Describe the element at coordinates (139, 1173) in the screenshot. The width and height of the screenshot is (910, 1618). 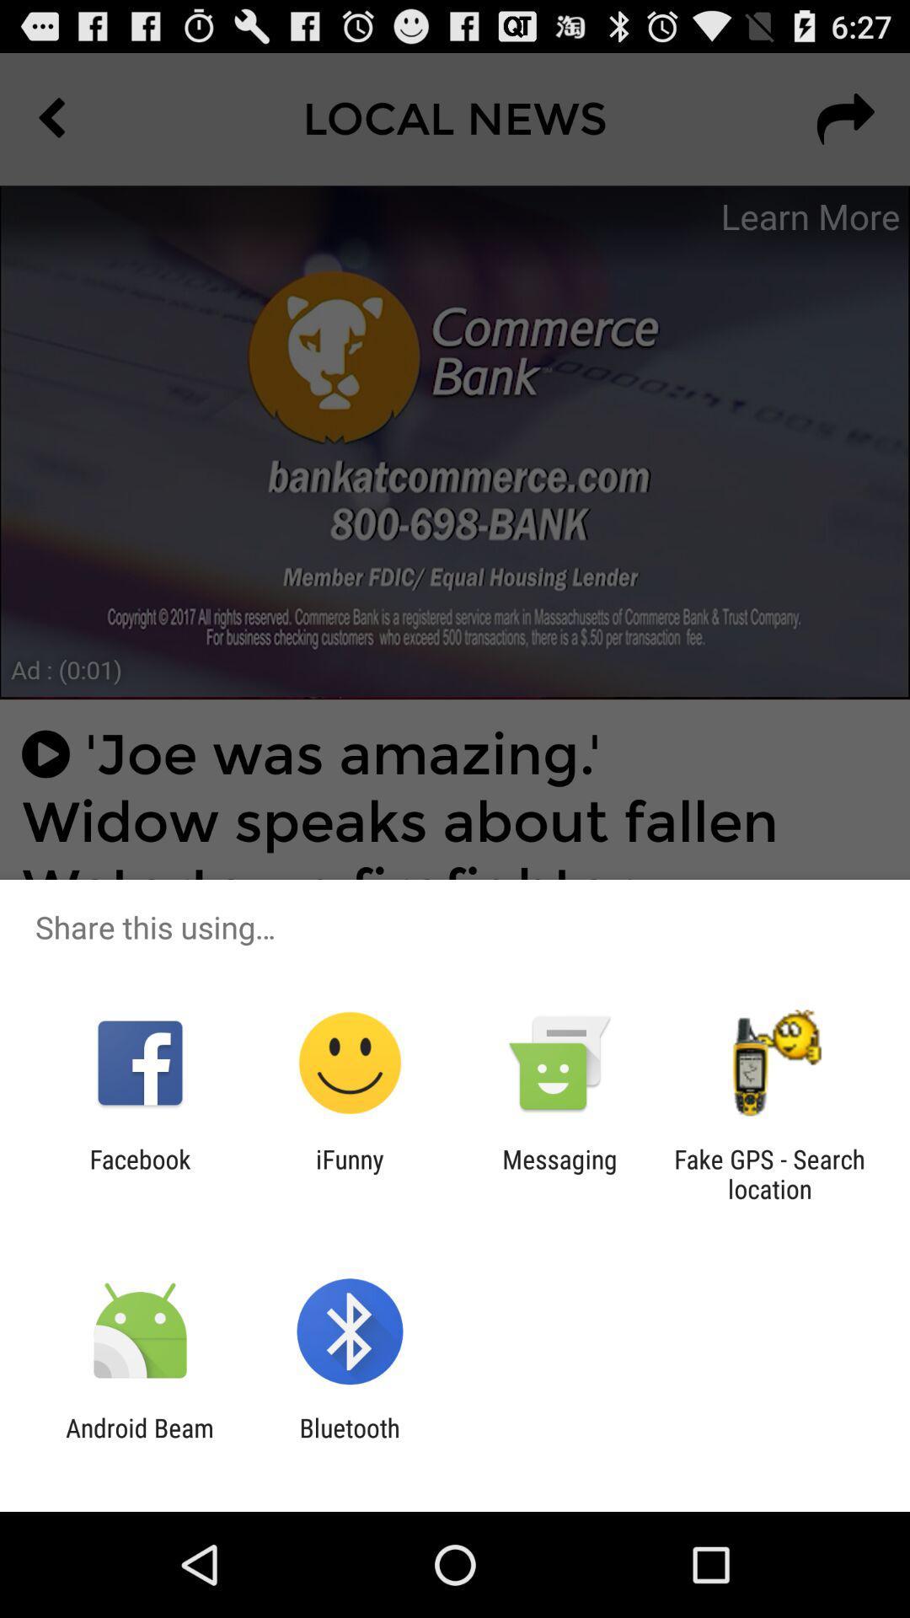
I see `the icon to the left of the ifunny item` at that location.